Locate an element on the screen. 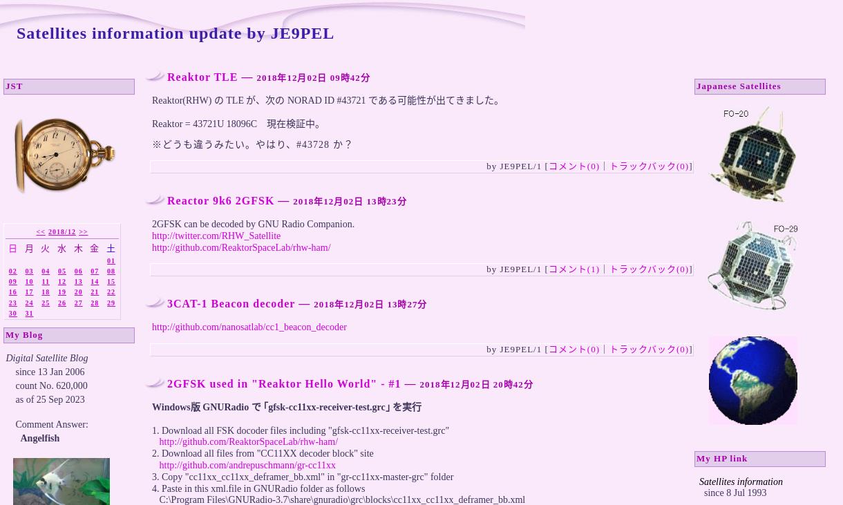 This screenshot has height=505, width=843. 'Reaktor TLE' is located at coordinates (202, 76).